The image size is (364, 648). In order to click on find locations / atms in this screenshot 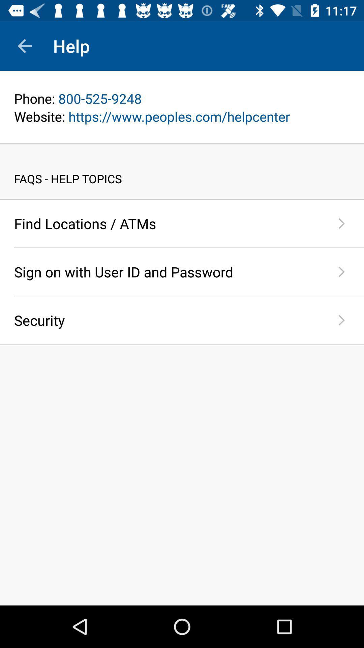, I will do `click(166, 223)`.